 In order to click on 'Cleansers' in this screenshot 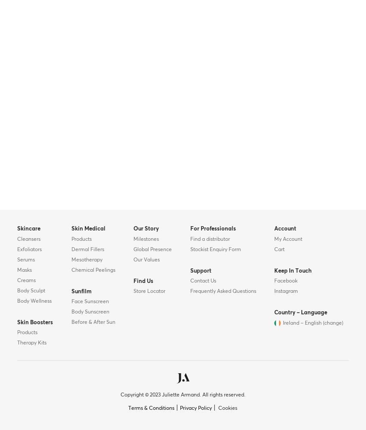, I will do `click(28, 239)`.